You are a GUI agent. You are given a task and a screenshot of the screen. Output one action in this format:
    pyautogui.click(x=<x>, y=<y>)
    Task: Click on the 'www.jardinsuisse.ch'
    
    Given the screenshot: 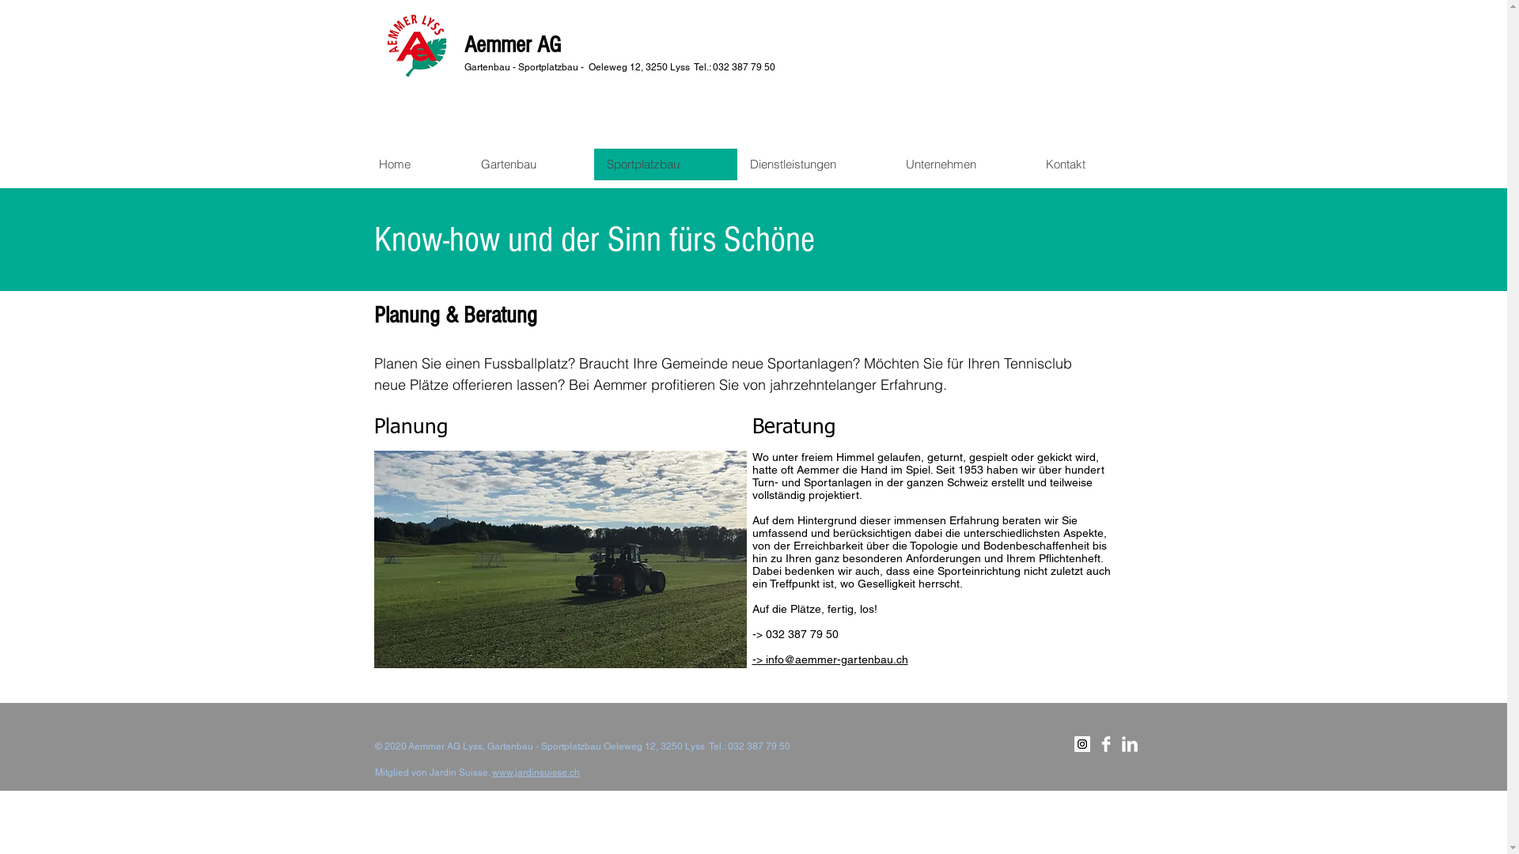 What is the action you would take?
    pyautogui.click(x=536, y=771)
    